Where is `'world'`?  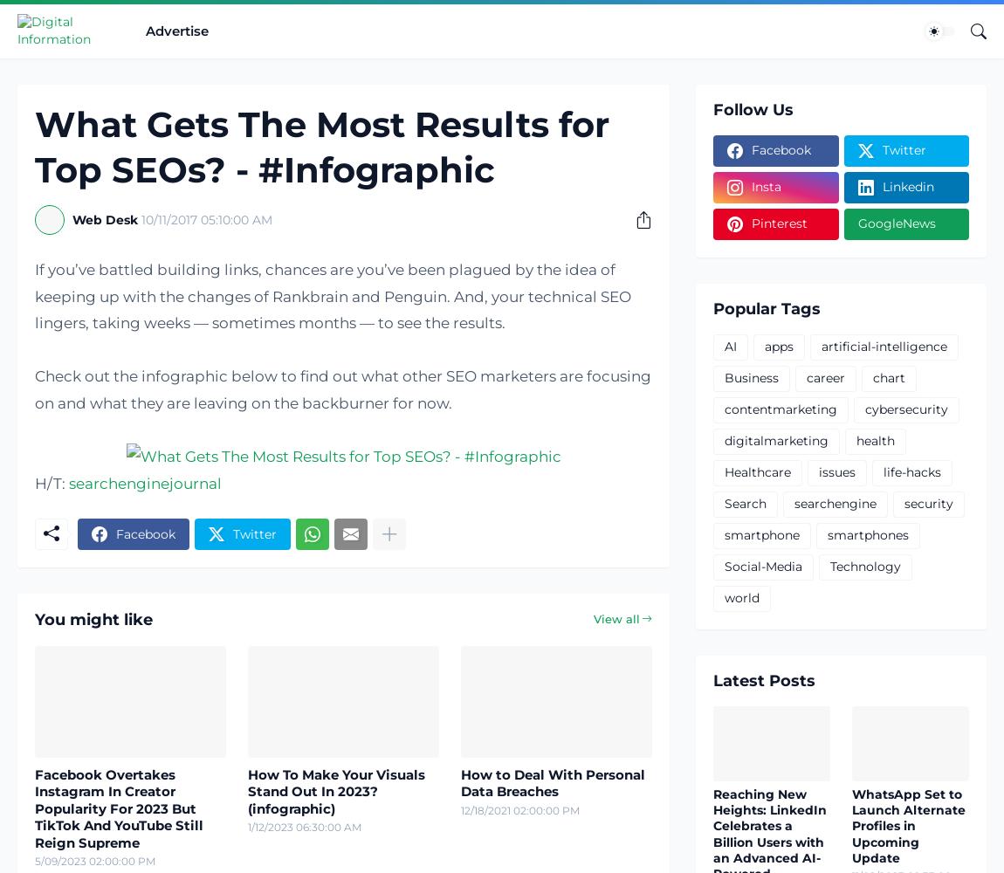
'world' is located at coordinates (740, 598).